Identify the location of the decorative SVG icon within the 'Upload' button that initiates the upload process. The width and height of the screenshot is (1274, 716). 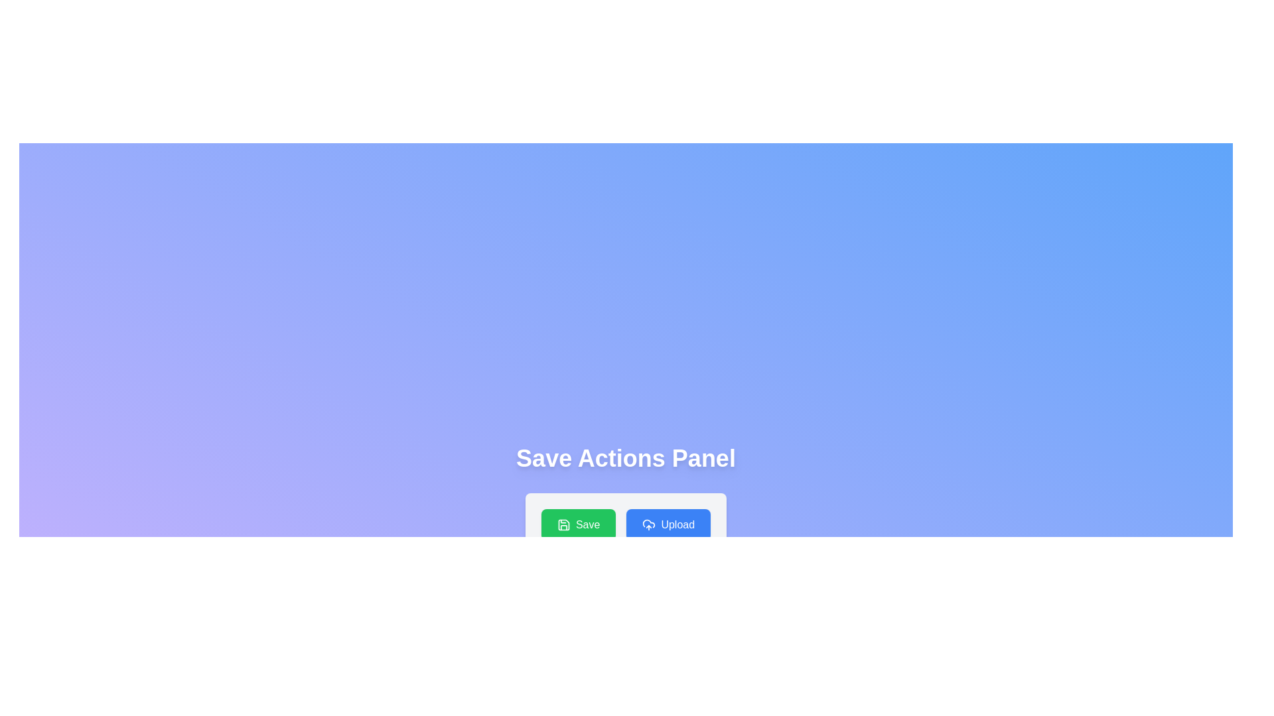
(649, 523).